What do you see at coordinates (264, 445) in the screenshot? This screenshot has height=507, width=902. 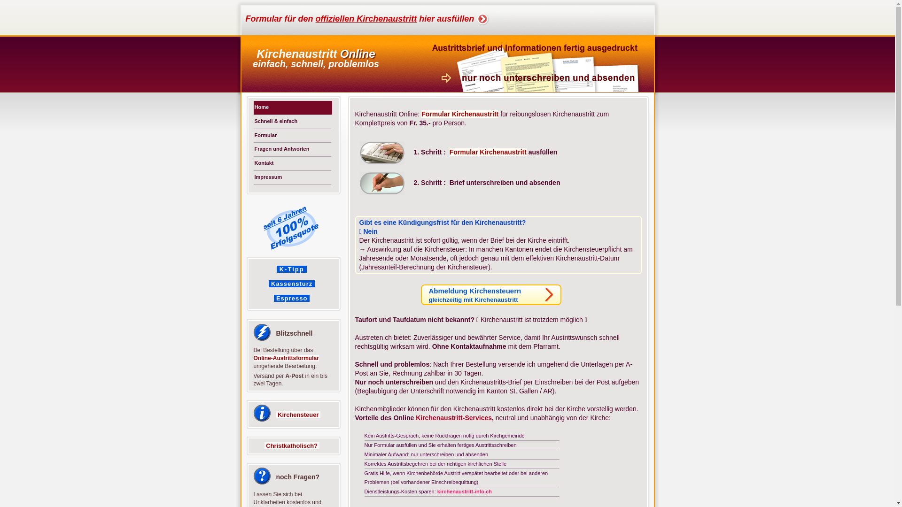 I see `' Christkatholisch? '` at bounding box center [264, 445].